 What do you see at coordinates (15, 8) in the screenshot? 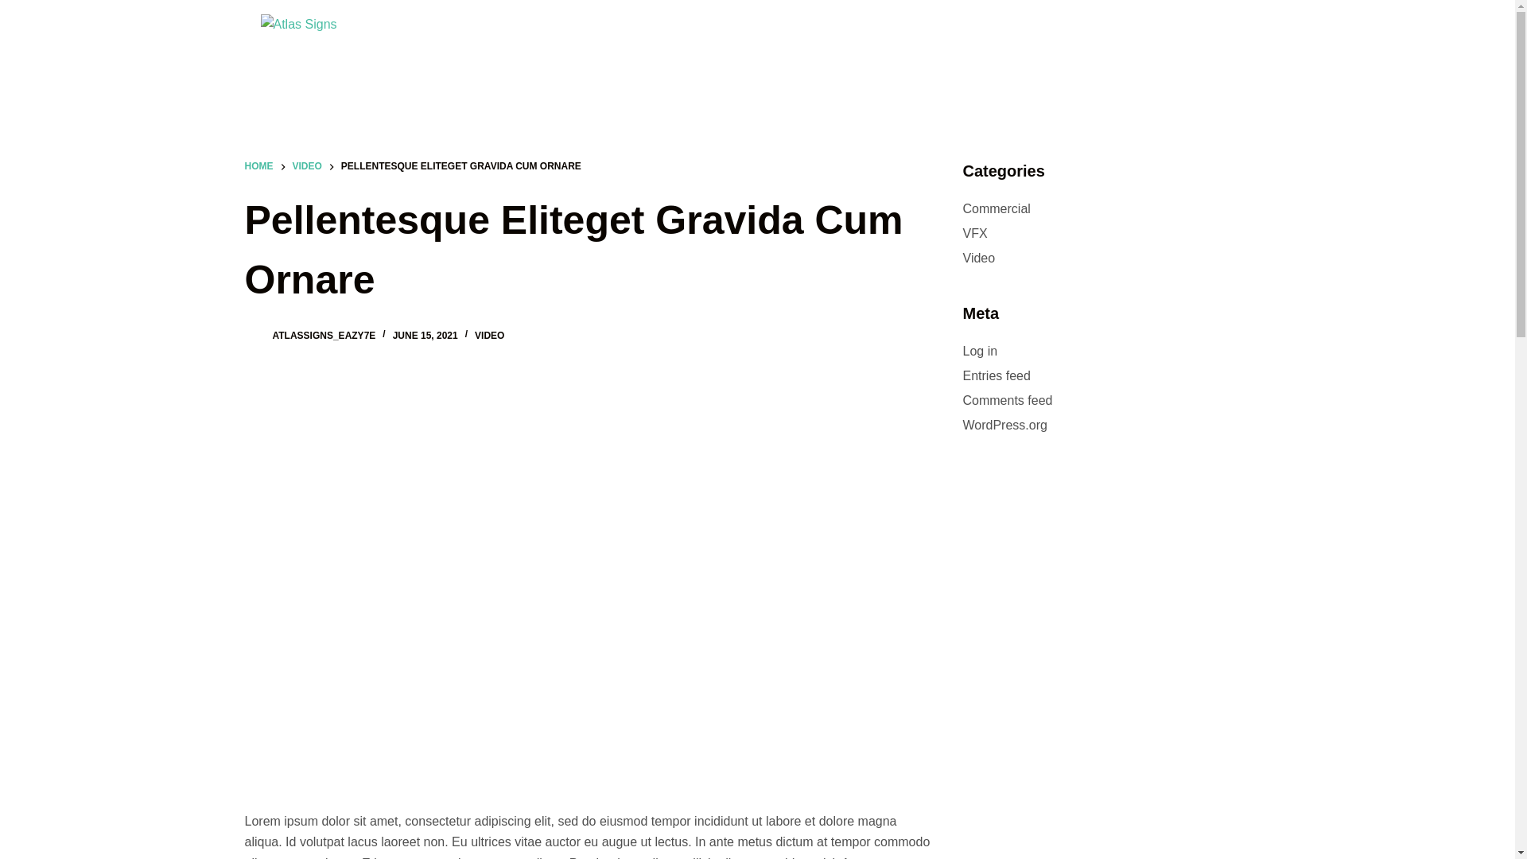
I see `'Skip to content'` at bounding box center [15, 8].